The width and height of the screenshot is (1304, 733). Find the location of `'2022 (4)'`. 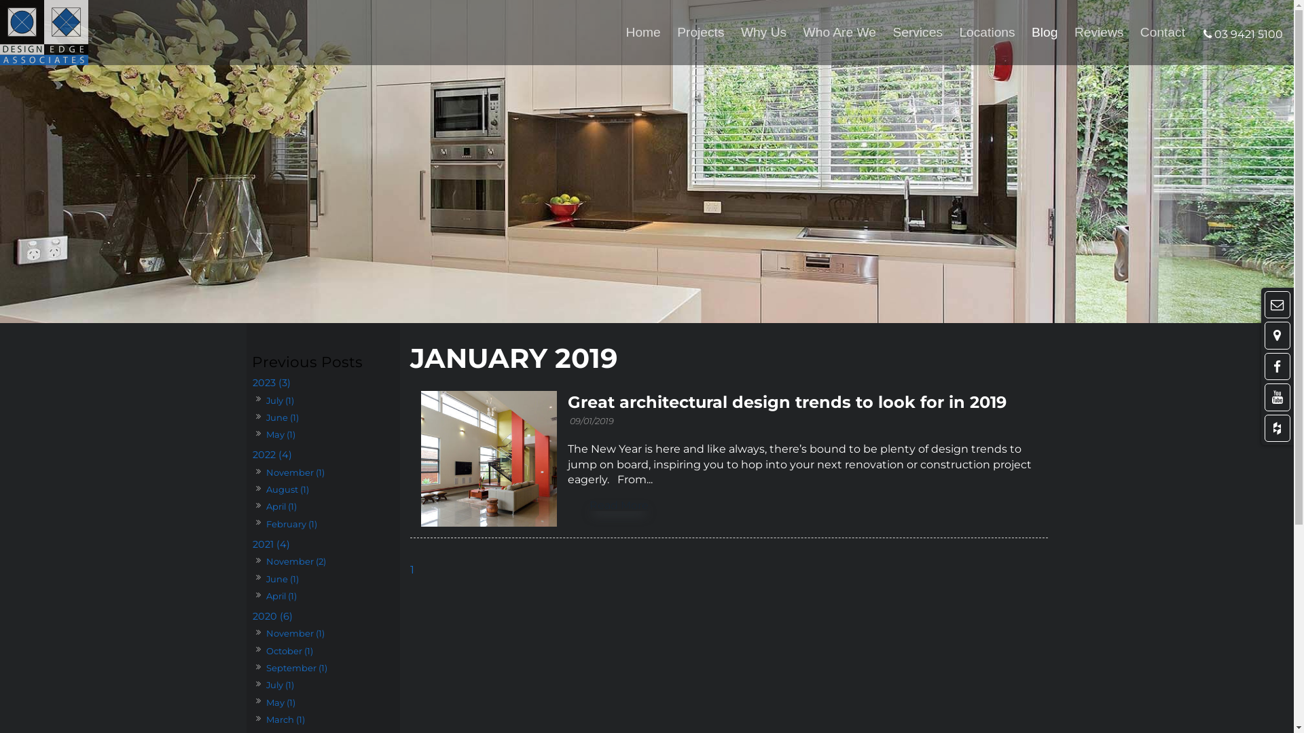

'2022 (4)' is located at coordinates (251, 455).